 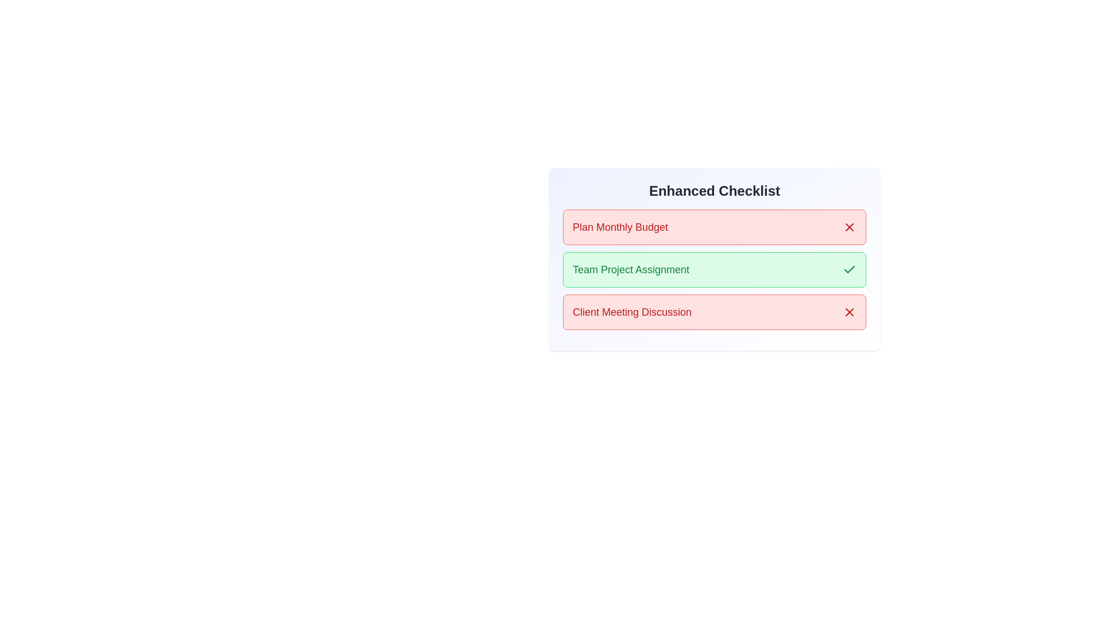 What do you see at coordinates (849, 270) in the screenshot?
I see `the status of the checklist item 'Team Project Assignment' by interacting with the icon located at the right edge of the green-highlighted area` at bounding box center [849, 270].